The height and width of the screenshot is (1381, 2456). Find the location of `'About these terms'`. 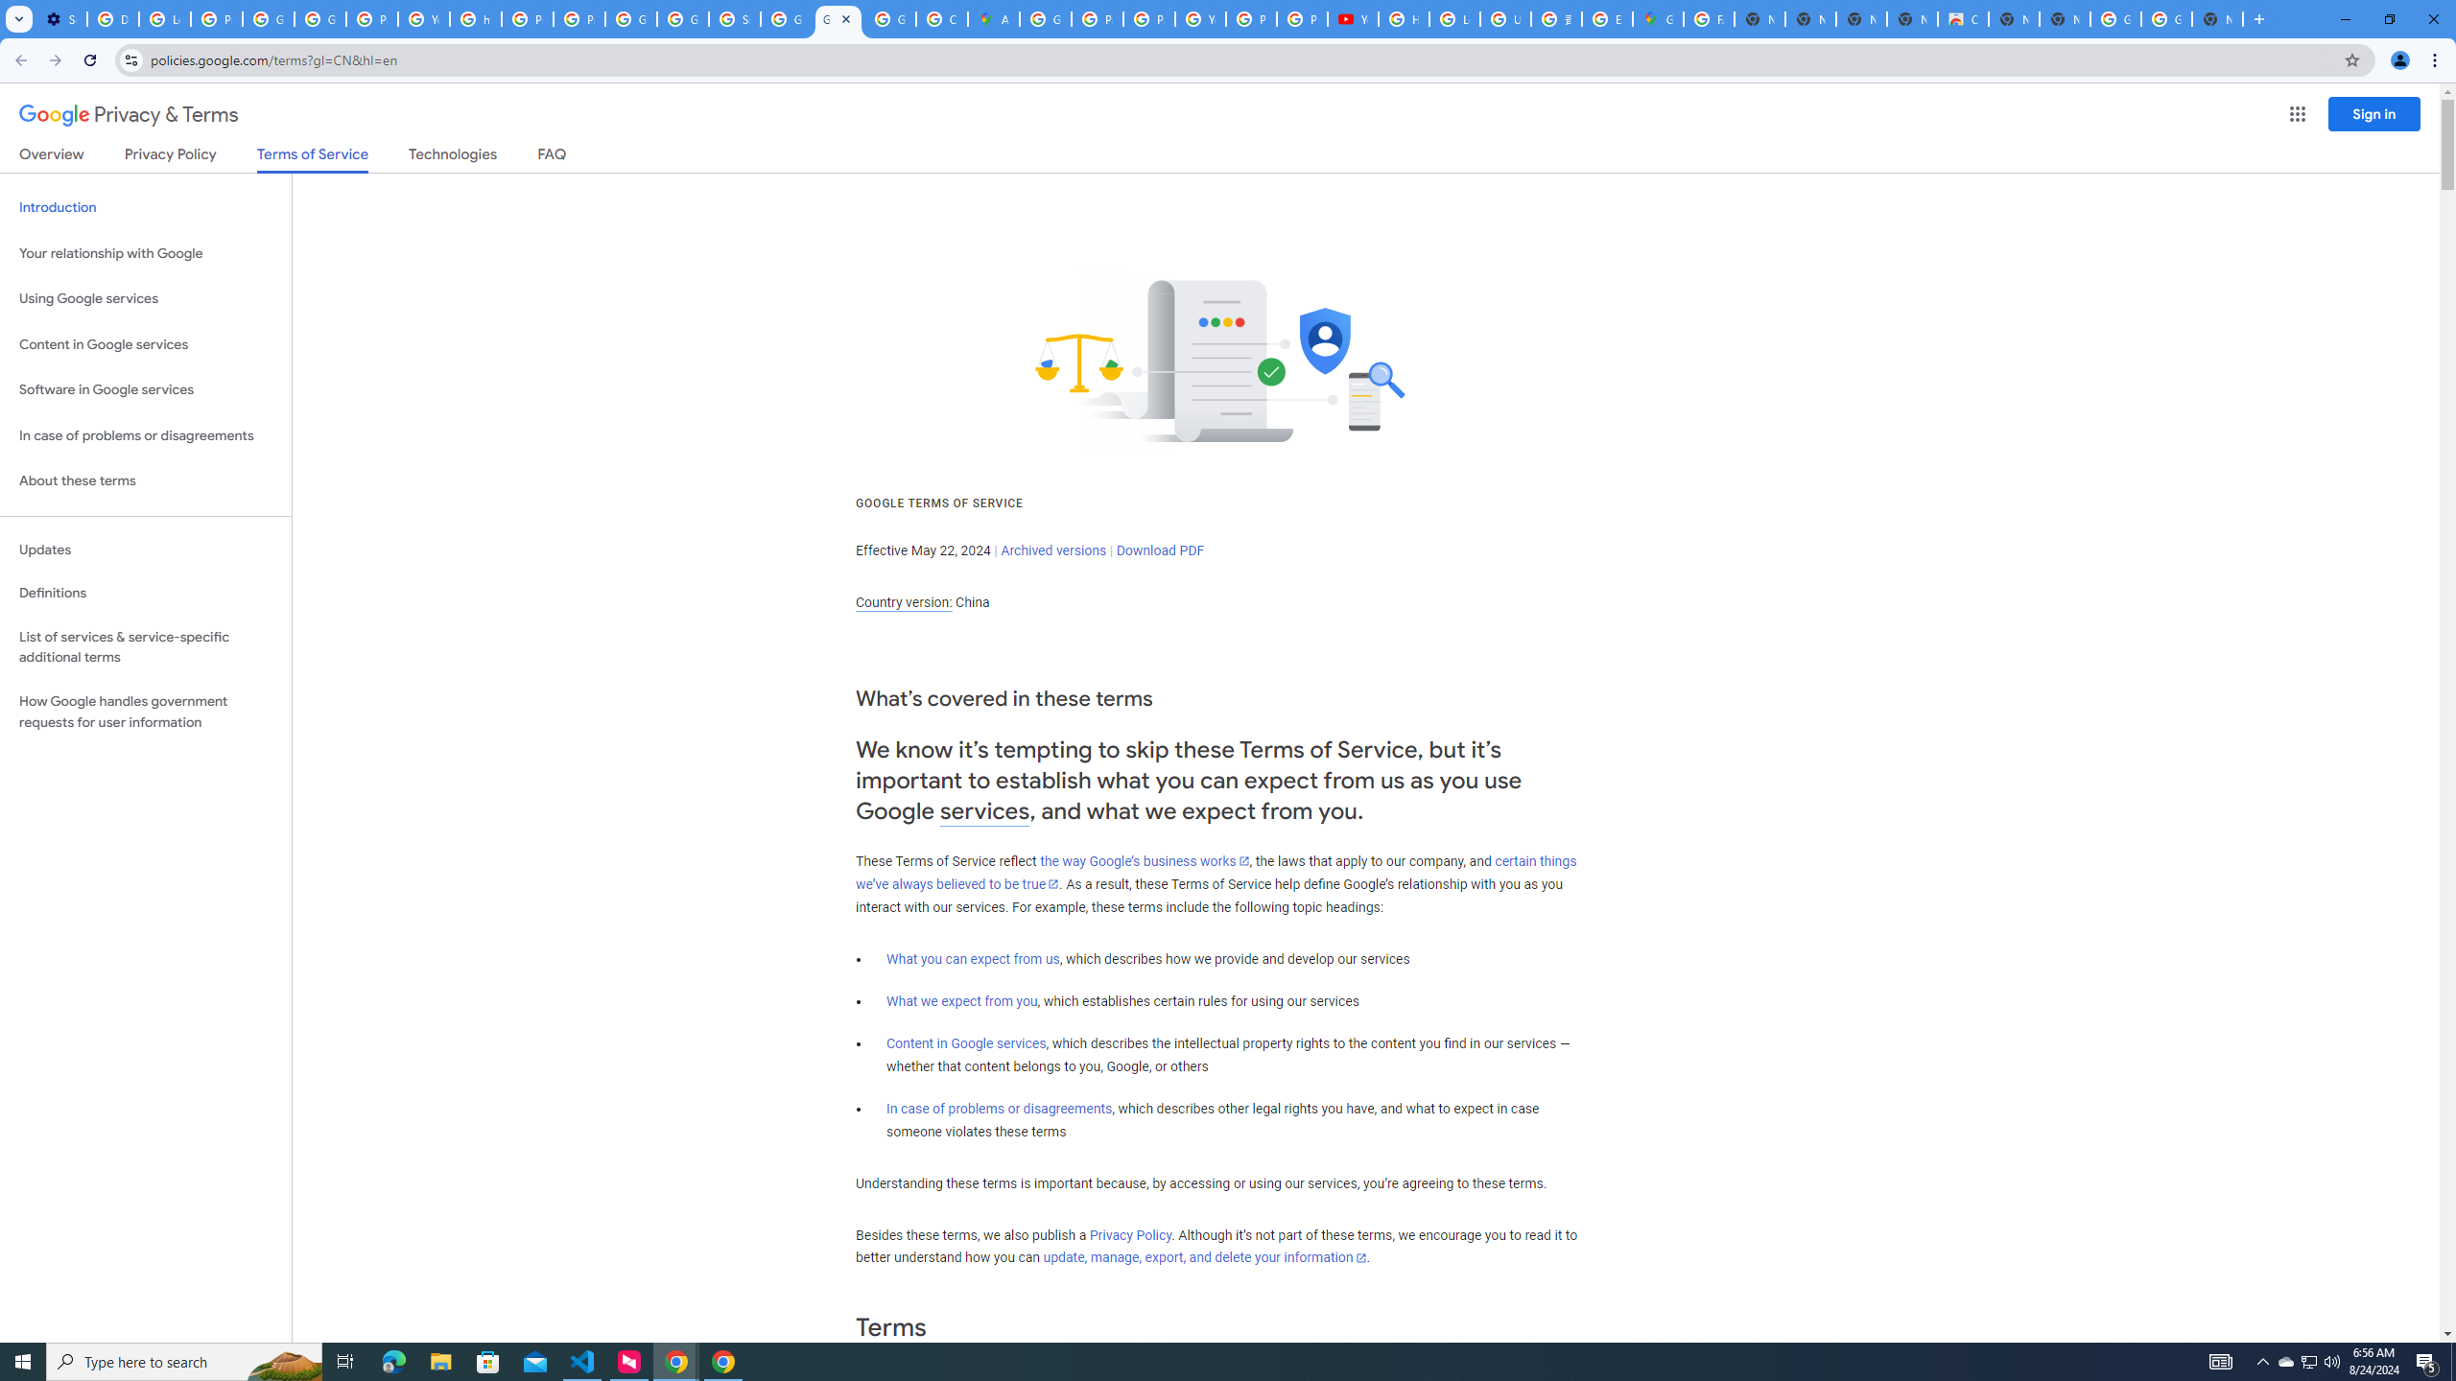

'About these terms' is located at coordinates (145, 480).